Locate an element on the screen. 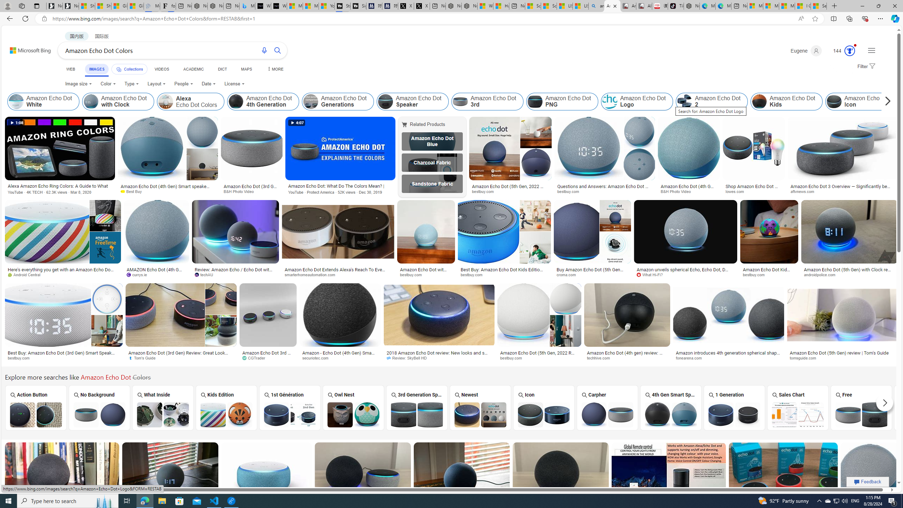 This screenshot has height=508, width=903. 'Back to Bing search' is located at coordinates (26, 48).